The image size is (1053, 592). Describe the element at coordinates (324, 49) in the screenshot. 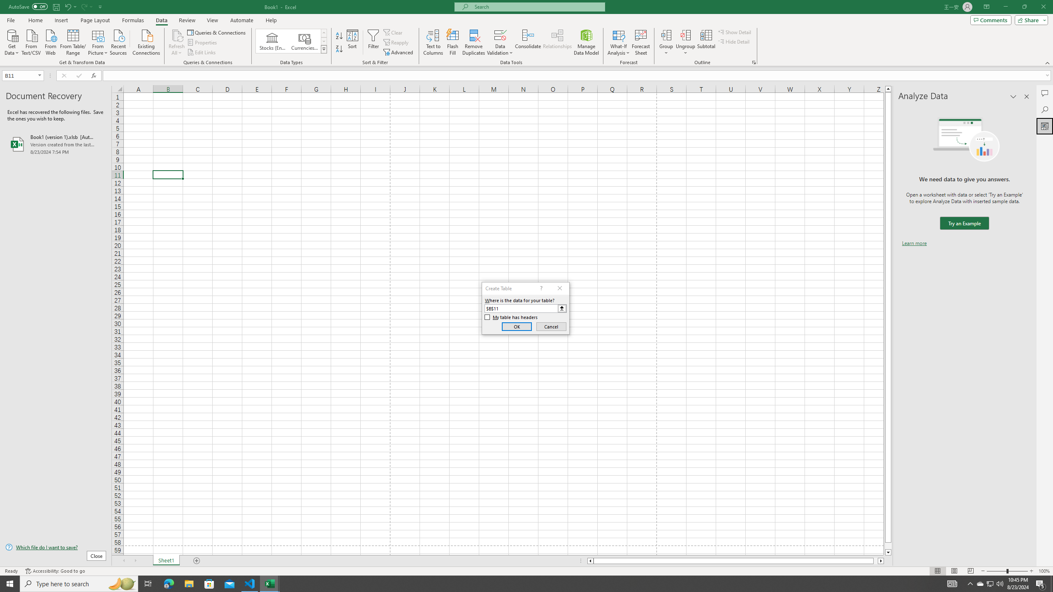

I see `'Data Types'` at that location.